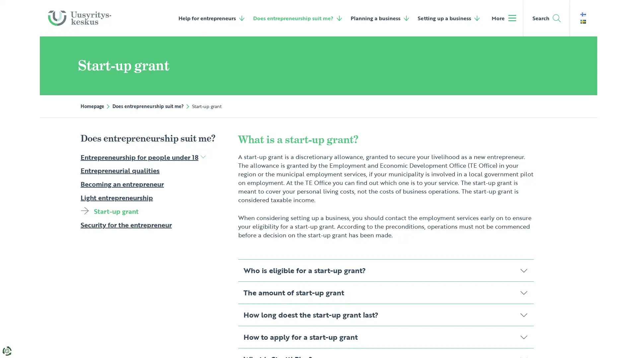 Image resolution: width=637 pixels, height=358 pixels. Describe the element at coordinates (386, 292) in the screenshot. I see `The amount of start-up grant` at that location.